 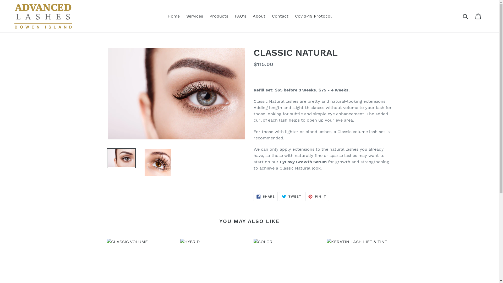 I want to click on 'Home', so click(x=173, y=16).